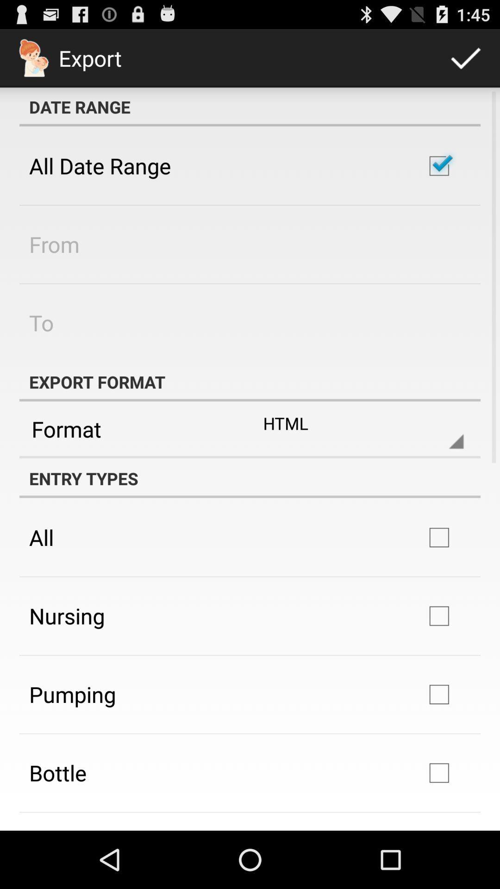  Describe the element at coordinates (66, 616) in the screenshot. I see `nursing icon` at that location.